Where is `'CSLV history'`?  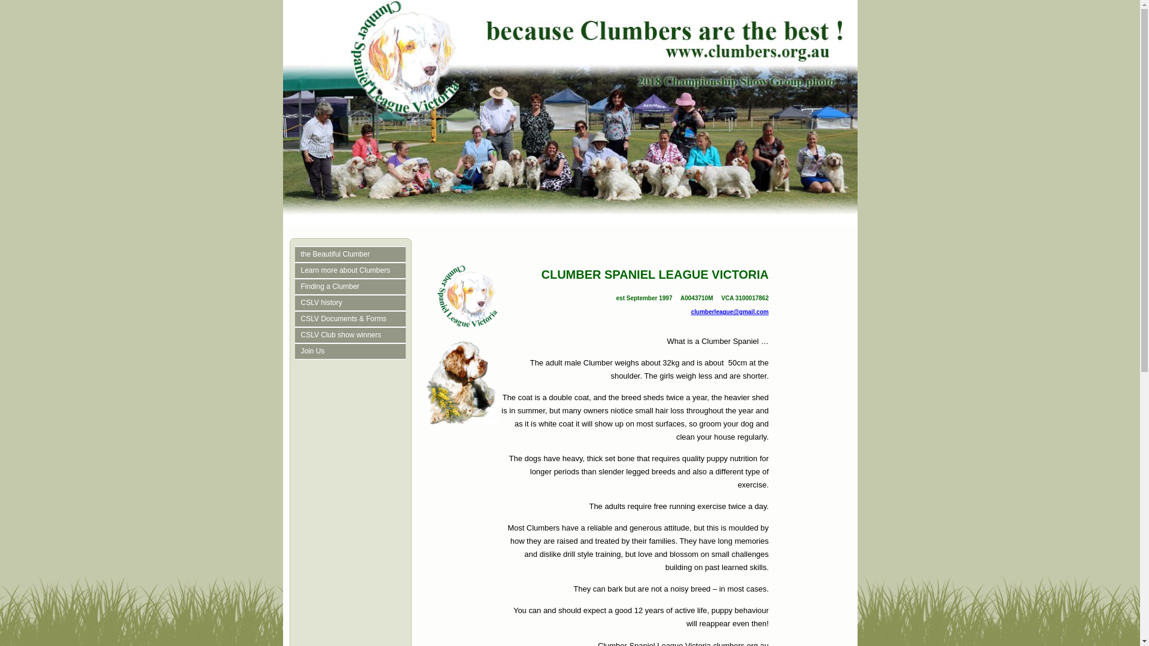
'CSLV history' is located at coordinates (352, 302).